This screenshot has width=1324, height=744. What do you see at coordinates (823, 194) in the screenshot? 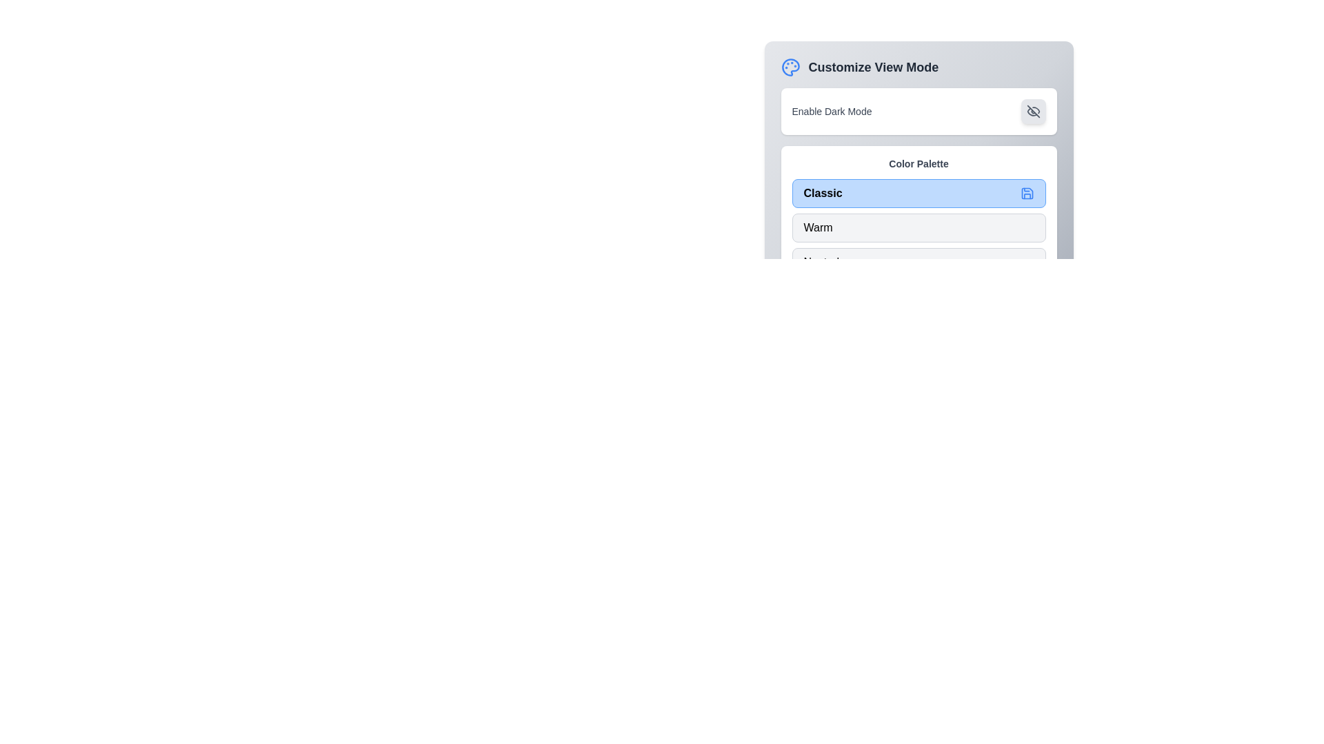
I see `the text label 'Classic' which is in bold style within a light blue rounded rectangular section in the 'Color Palette' group` at bounding box center [823, 194].